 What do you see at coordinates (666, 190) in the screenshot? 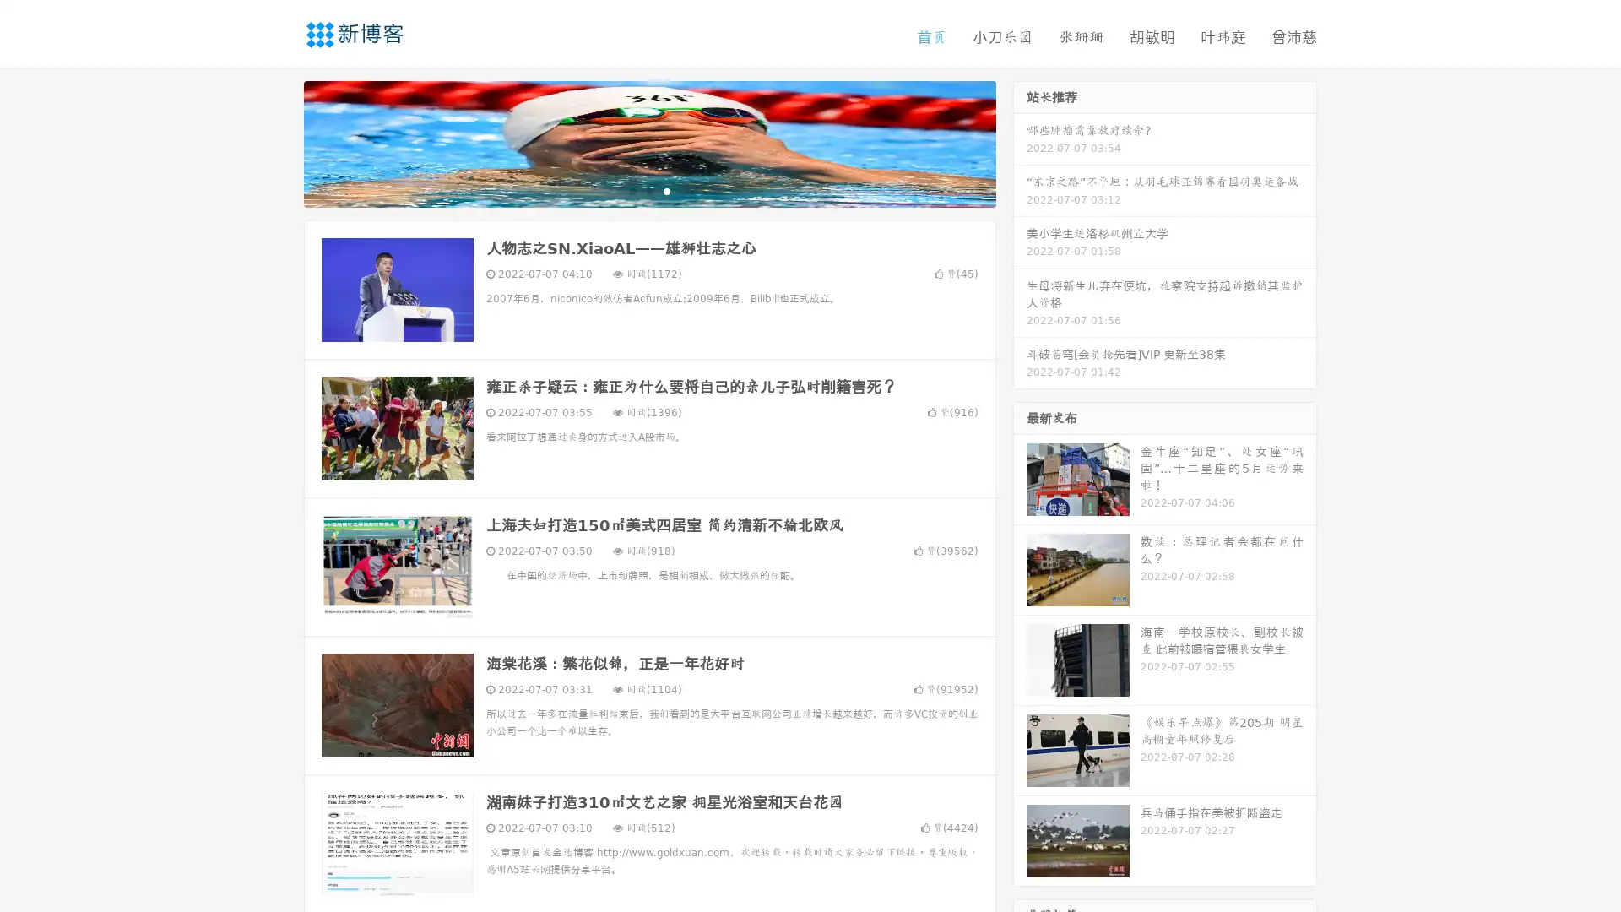
I see `Go to slide 3` at bounding box center [666, 190].